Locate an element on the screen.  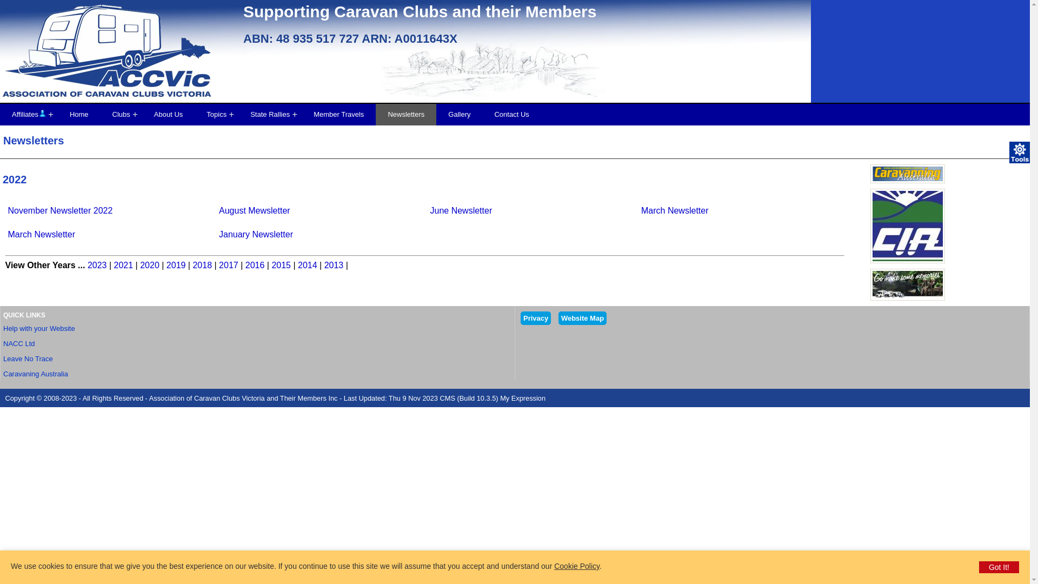
'2015' is located at coordinates (281, 265).